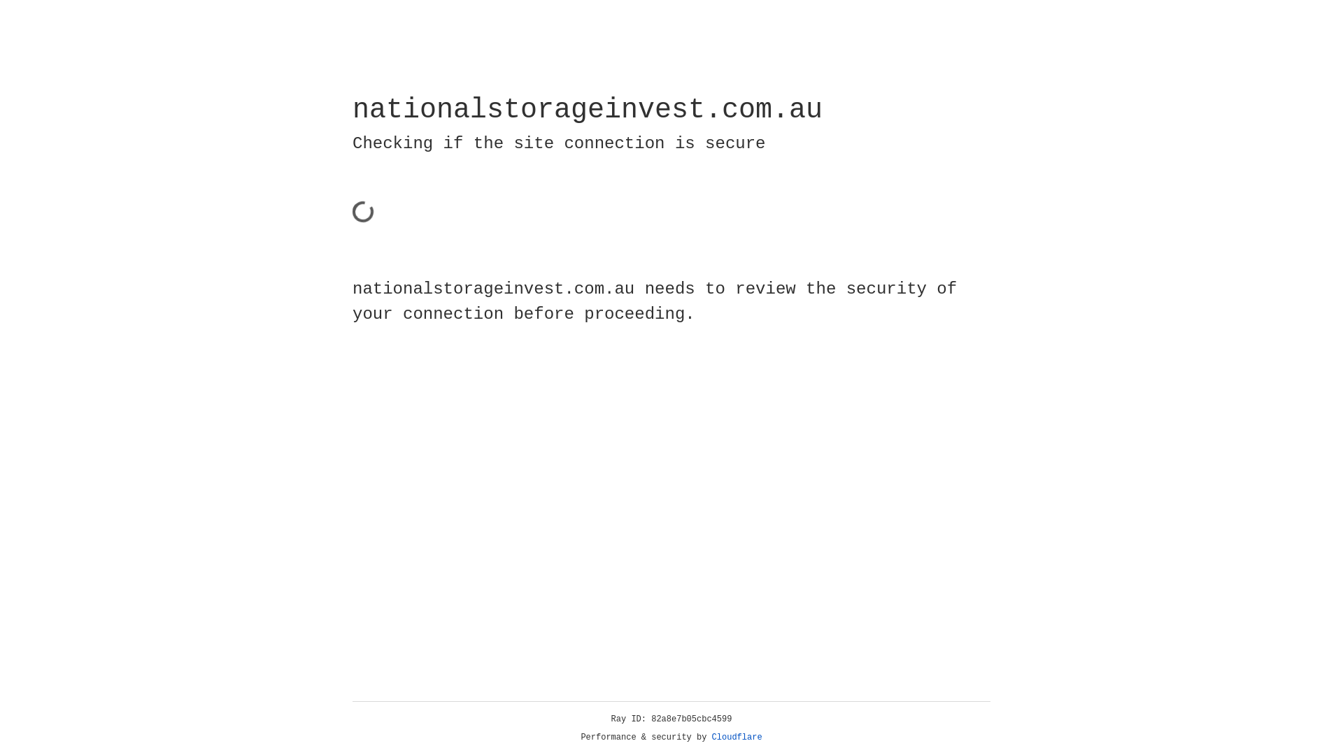 The height and width of the screenshot is (755, 1343). What do you see at coordinates (737, 737) in the screenshot?
I see `'Cloudflare'` at bounding box center [737, 737].